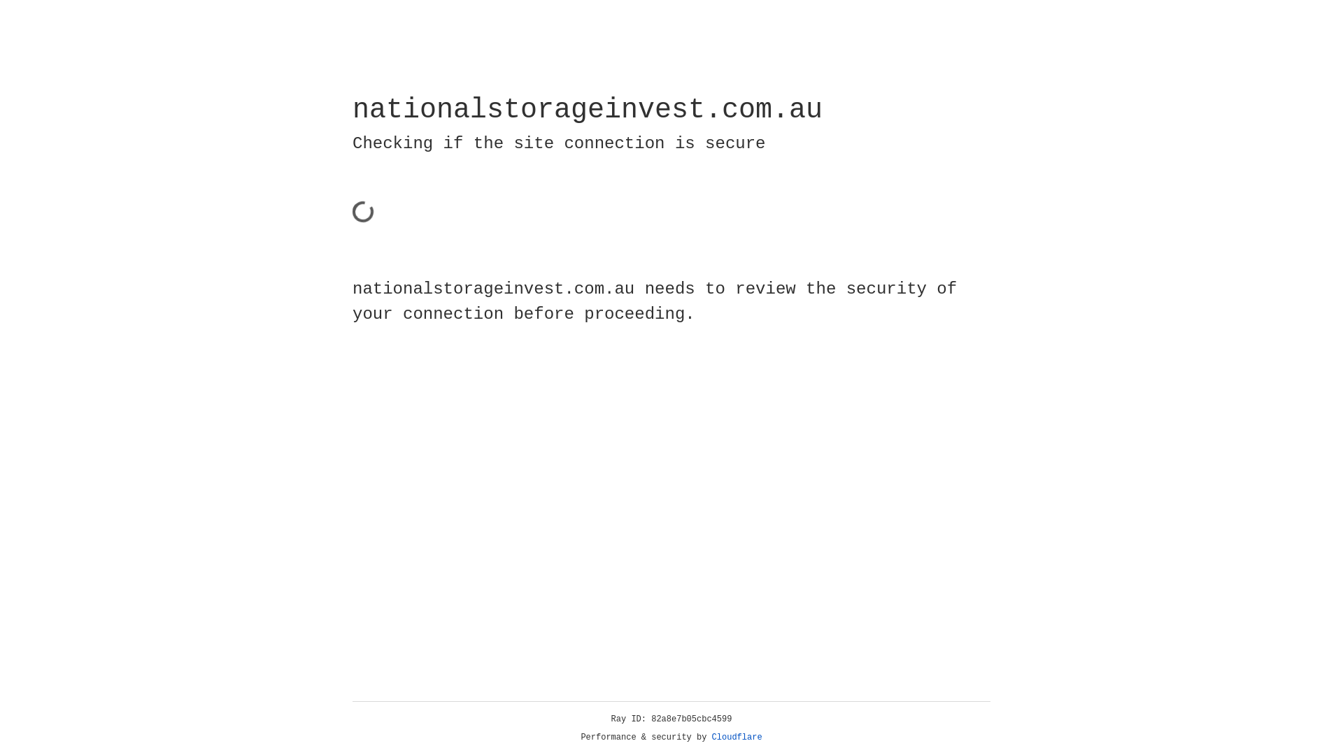 The height and width of the screenshot is (755, 1343). What do you see at coordinates (737, 737) in the screenshot?
I see `'Cloudflare'` at bounding box center [737, 737].